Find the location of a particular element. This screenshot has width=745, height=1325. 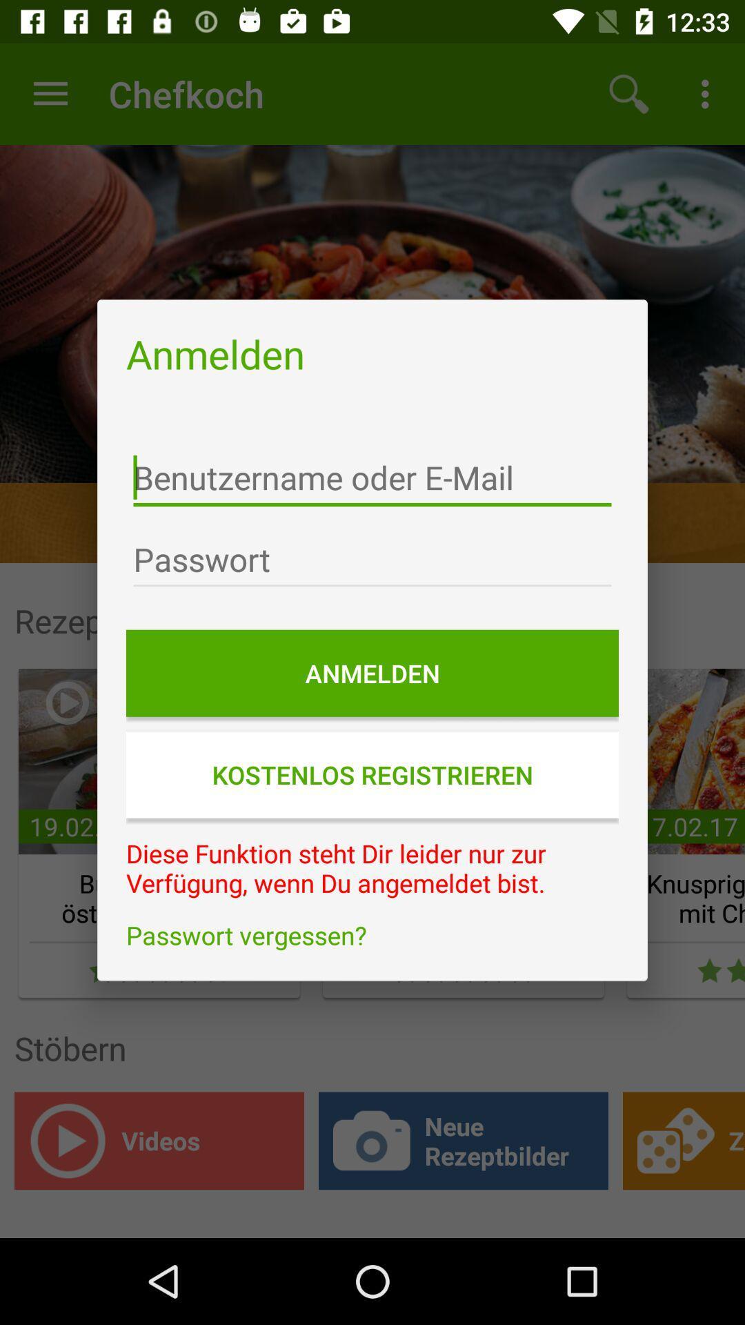

type password is located at coordinates (372, 560).